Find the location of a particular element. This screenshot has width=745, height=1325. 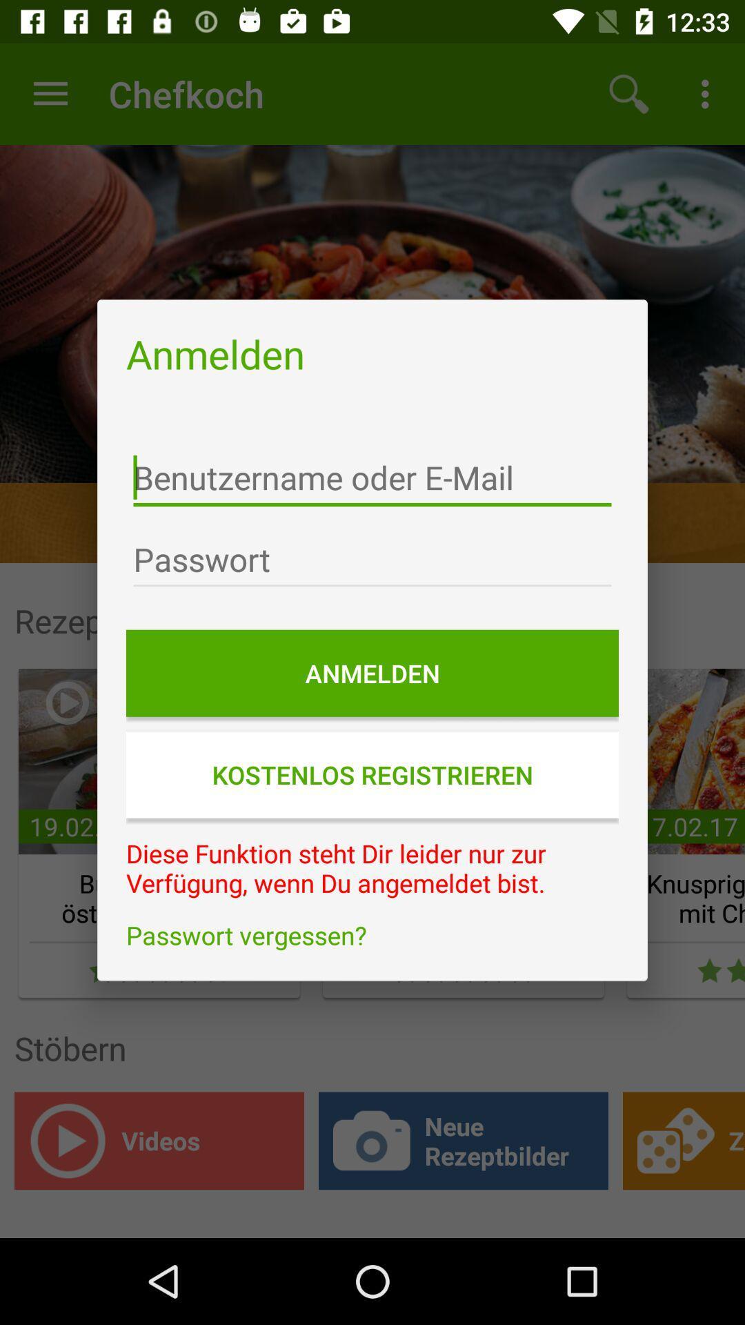

type password is located at coordinates (372, 560).